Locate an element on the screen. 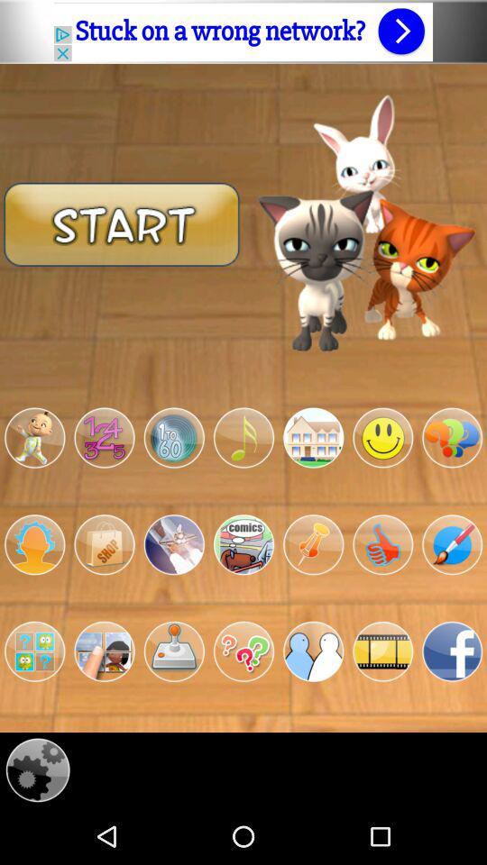  tap icon option is located at coordinates (243, 543).